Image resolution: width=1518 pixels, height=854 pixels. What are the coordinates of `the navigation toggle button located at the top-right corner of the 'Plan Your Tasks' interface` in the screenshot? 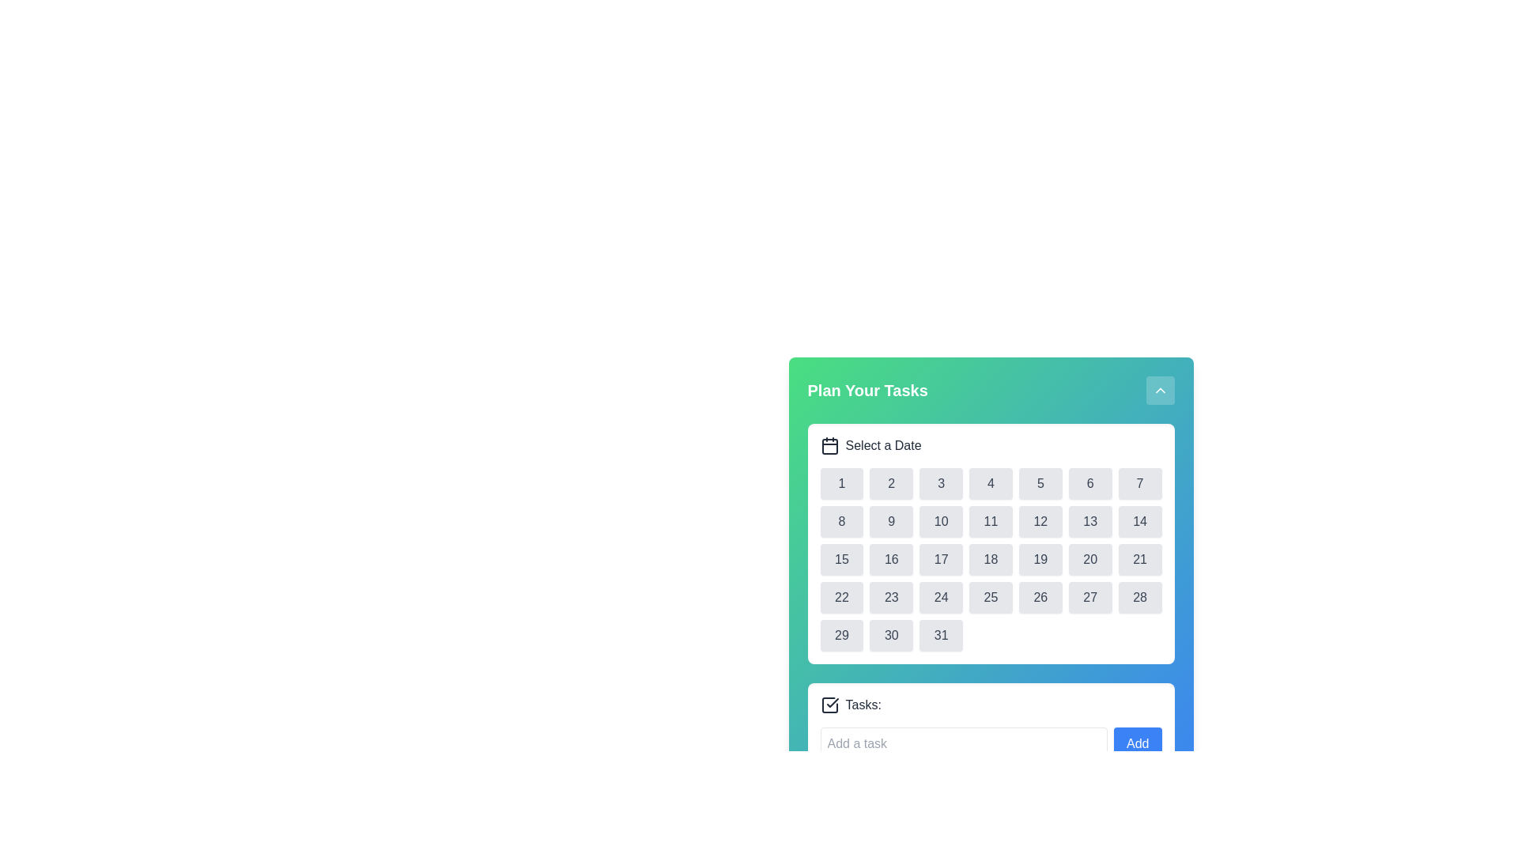 It's located at (1160, 390).